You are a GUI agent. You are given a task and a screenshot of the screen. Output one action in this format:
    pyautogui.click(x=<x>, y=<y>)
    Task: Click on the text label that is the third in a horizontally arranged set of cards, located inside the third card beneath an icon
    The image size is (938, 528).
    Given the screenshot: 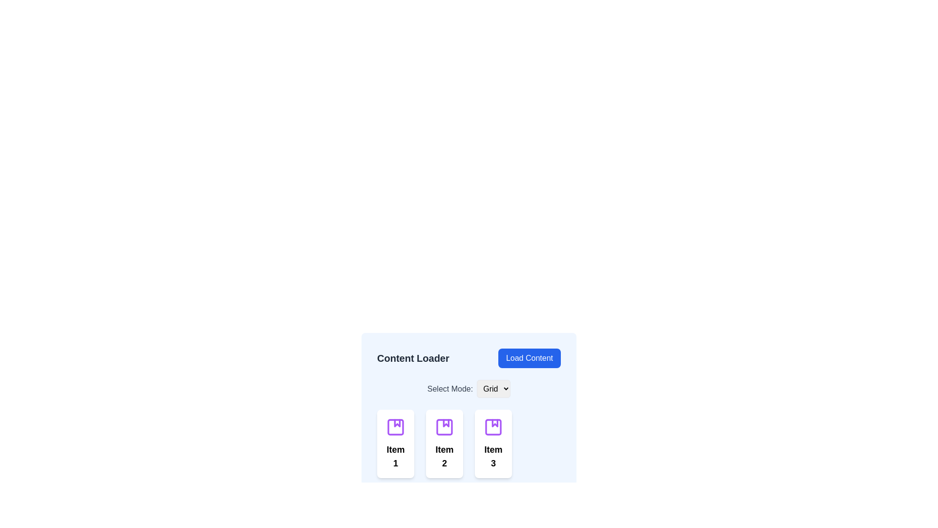 What is the action you would take?
    pyautogui.click(x=493, y=456)
    